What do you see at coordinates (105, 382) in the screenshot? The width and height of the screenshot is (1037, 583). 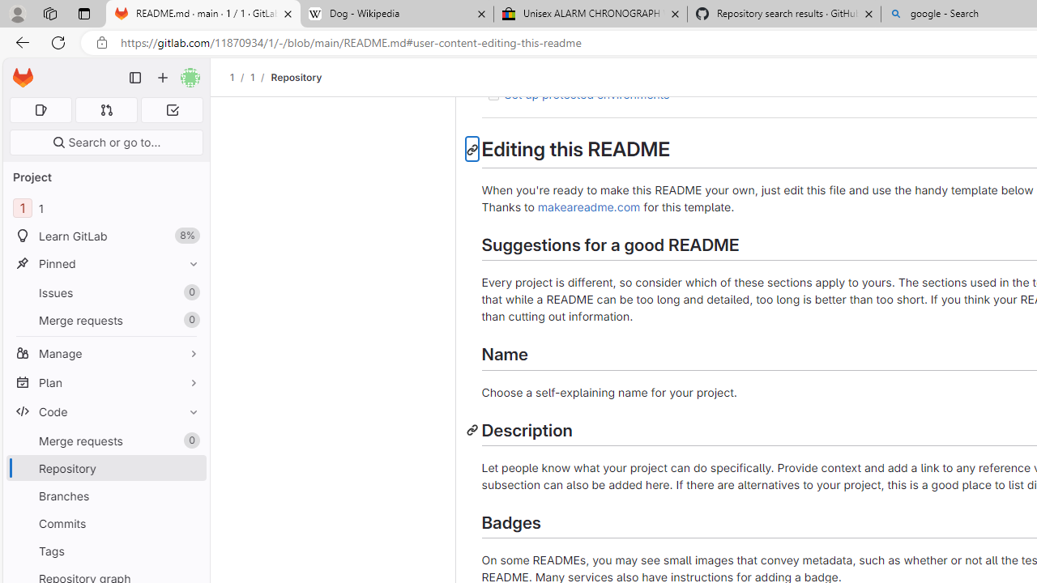 I see `'Plan'` at bounding box center [105, 382].